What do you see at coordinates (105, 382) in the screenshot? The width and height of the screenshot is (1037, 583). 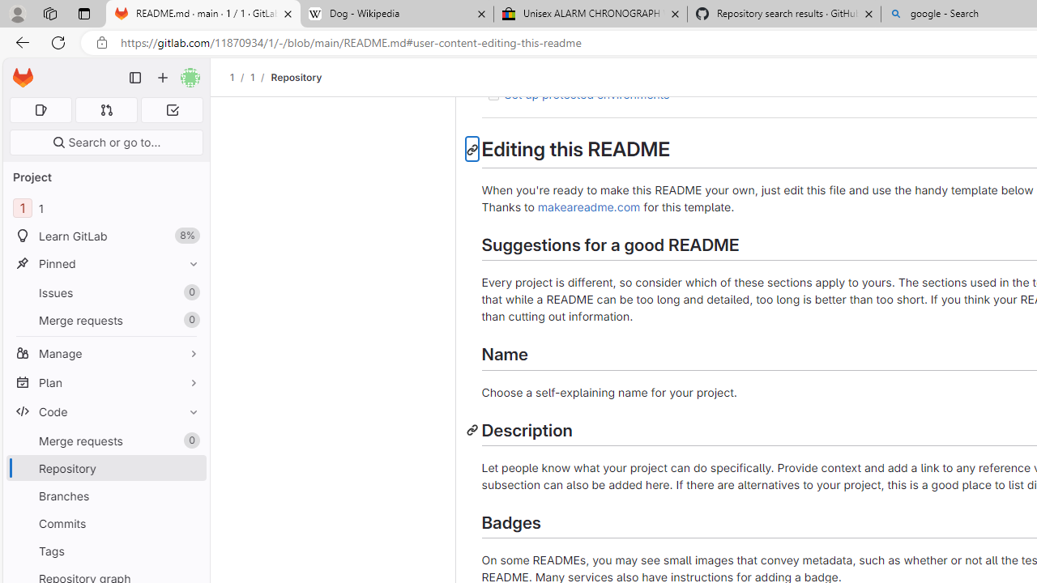 I see `'Plan'` at bounding box center [105, 382].